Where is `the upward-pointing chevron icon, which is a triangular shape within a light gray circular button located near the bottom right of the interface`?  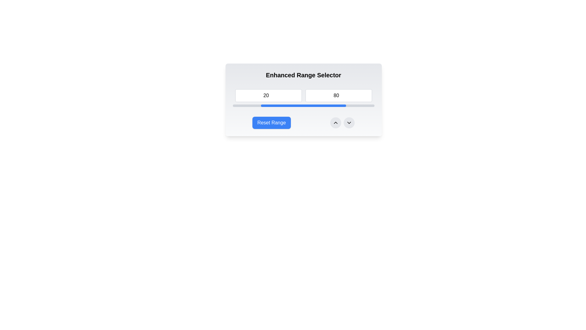 the upward-pointing chevron icon, which is a triangular shape within a light gray circular button located near the bottom right of the interface is located at coordinates (335, 123).